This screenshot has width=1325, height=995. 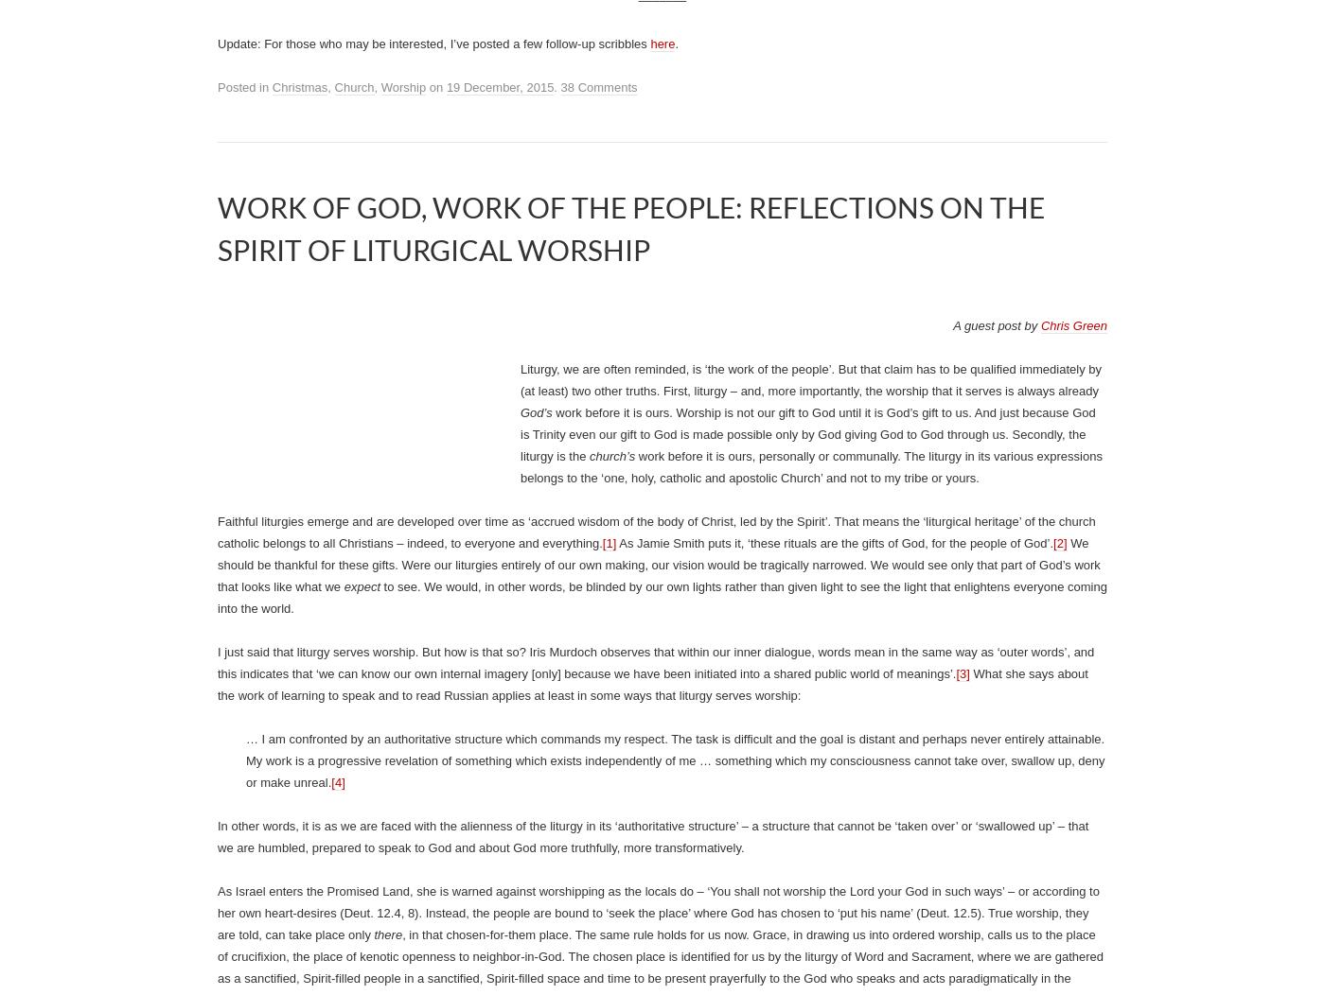 I want to click on 'Church', so click(x=333, y=87).